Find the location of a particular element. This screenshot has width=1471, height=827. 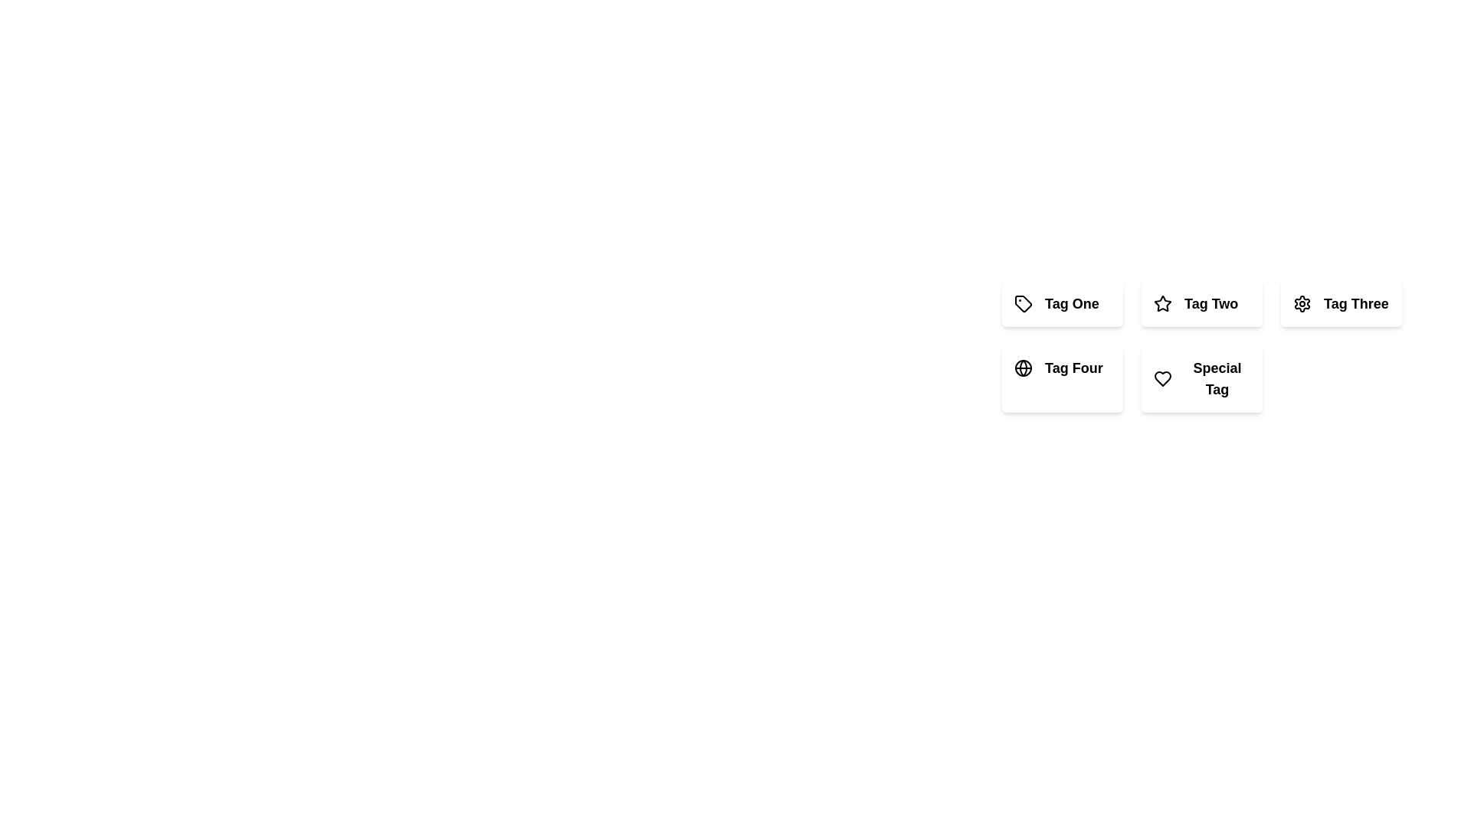

the star icon located to the left of the text 'Tag Two', which indicates importance or categorization is located at coordinates (1162, 304).